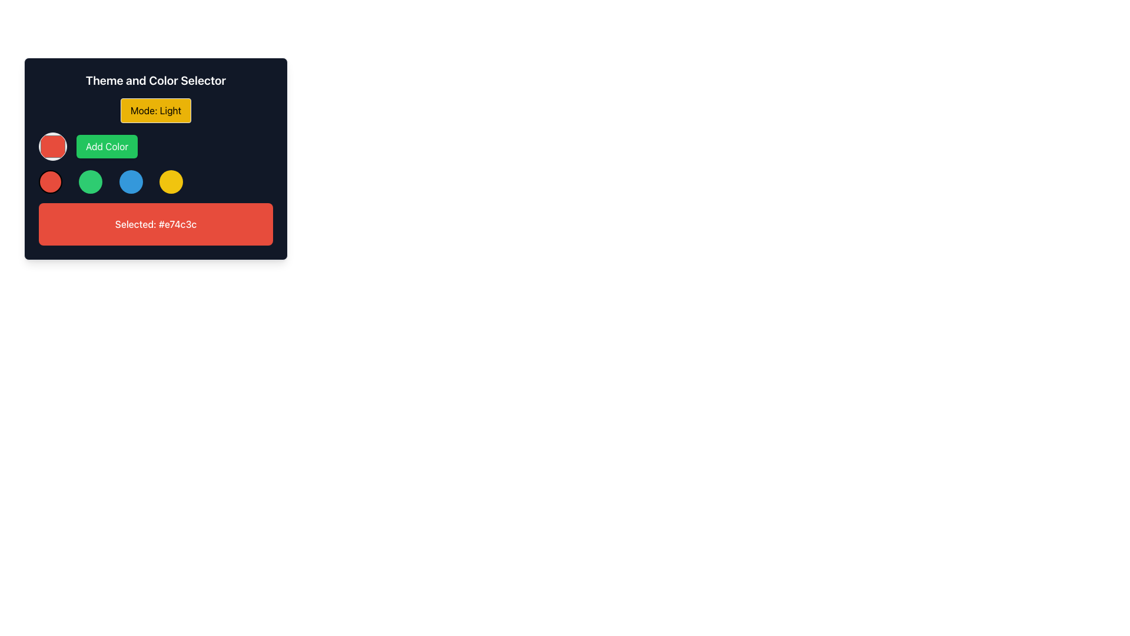 Image resolution: width=1130 pixels, height=636 pixels. What do you see at coordinates (50, 181) in the screenshot?
I see `the circular, red-colored button with a black border located in a grid layout, positioned to the left-most side, just below the 'Add Color' button` at bounding box center [50, 181].